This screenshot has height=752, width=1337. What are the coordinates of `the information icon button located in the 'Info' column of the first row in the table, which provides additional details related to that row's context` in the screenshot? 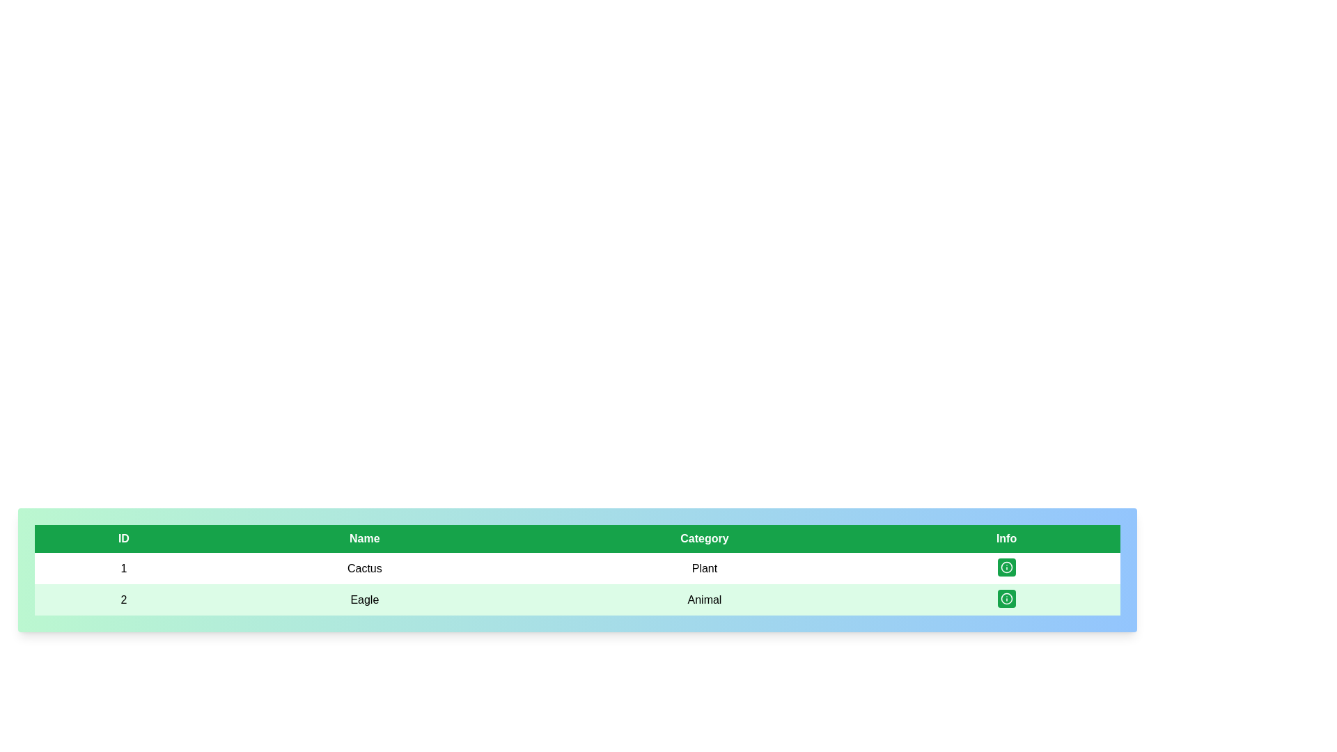 It's located at (1006, 567).